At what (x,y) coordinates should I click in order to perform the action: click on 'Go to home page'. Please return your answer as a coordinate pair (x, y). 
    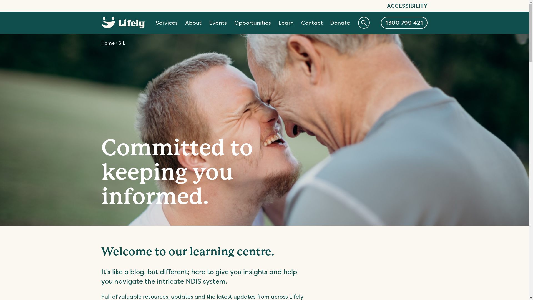
    Looking at the image, I should click on (123, 22).